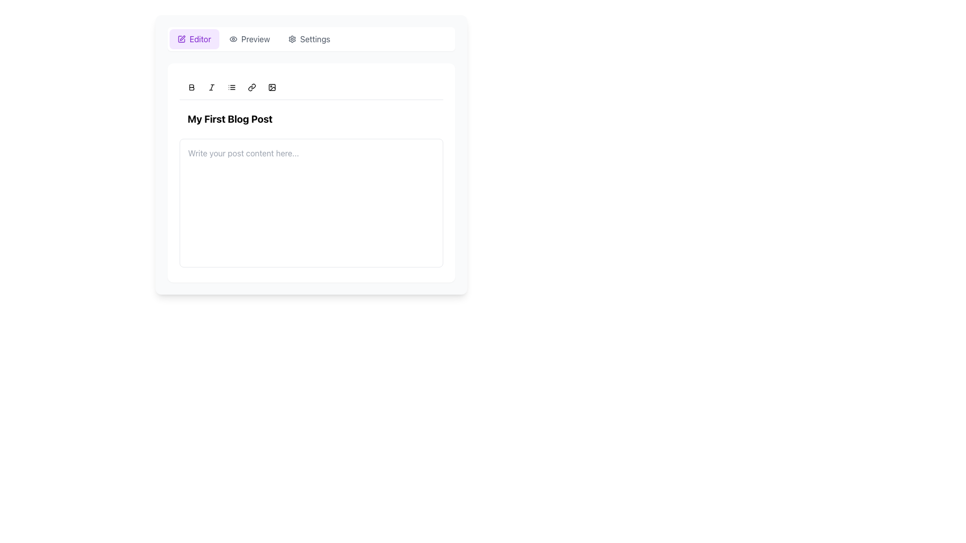 This screenshot has width=966, height=543. What do you see at coordinates (231, 86) in the screenshot?
I see `the list formatting button, which is the third button from the left in the formatting toolbar of the text editor, located between the 'Italic' and 'Link' buttons` at bounding box center [231, 86].